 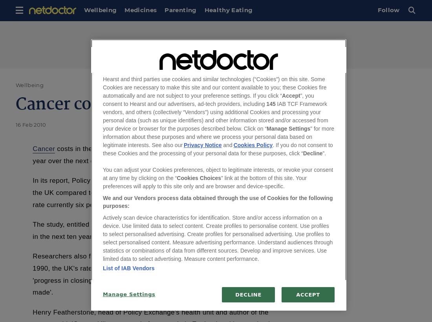 What do you see at coordinates (228, 9) in the screenshot?
I see `'Healthy Eating'` at bounding box center [228, 9].